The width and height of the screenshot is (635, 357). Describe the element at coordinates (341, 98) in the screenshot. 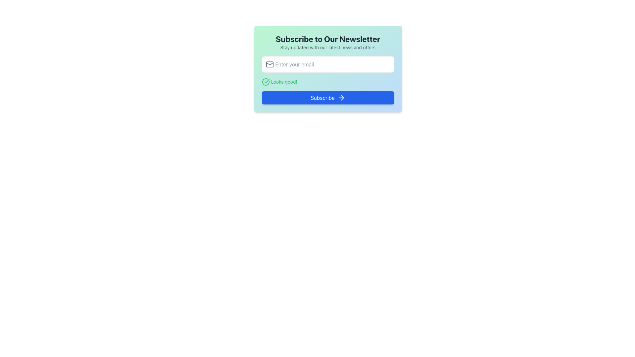

I see `the arrow icon on the right edge of the blue 'Subscribe' button` at that location.